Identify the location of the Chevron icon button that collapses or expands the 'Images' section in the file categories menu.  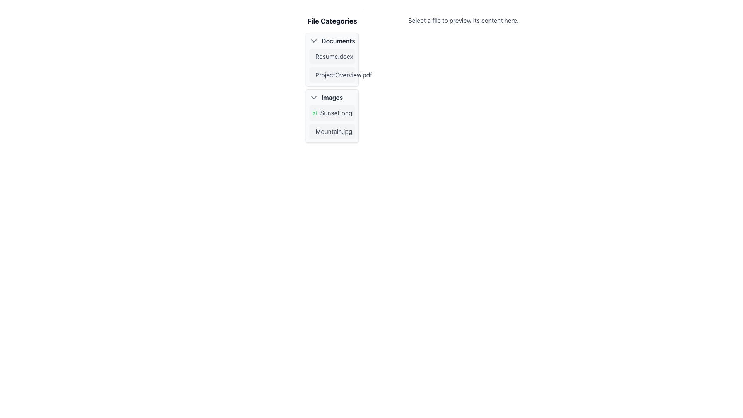
(314, 97).